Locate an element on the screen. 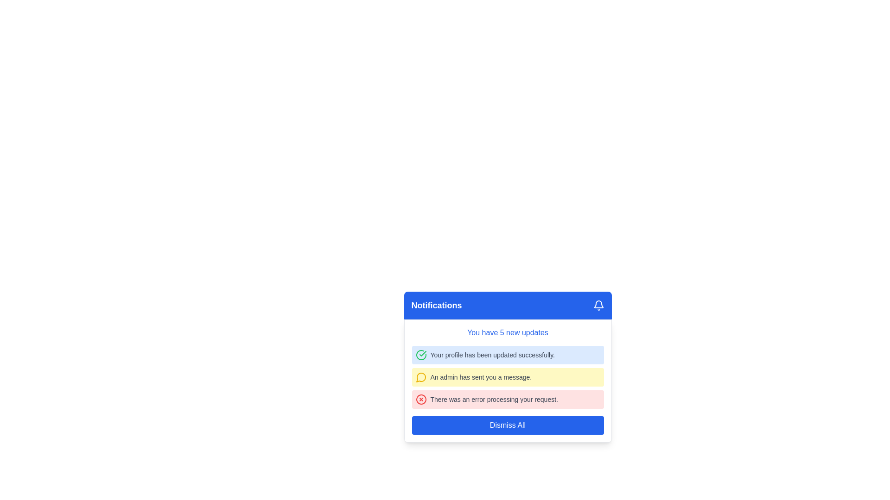 The height and width of the screenshot is (500, 890). the individual notification items in the notification area, which is located below the title 'You have 5 new updates' is located at coordinates (507, 377).